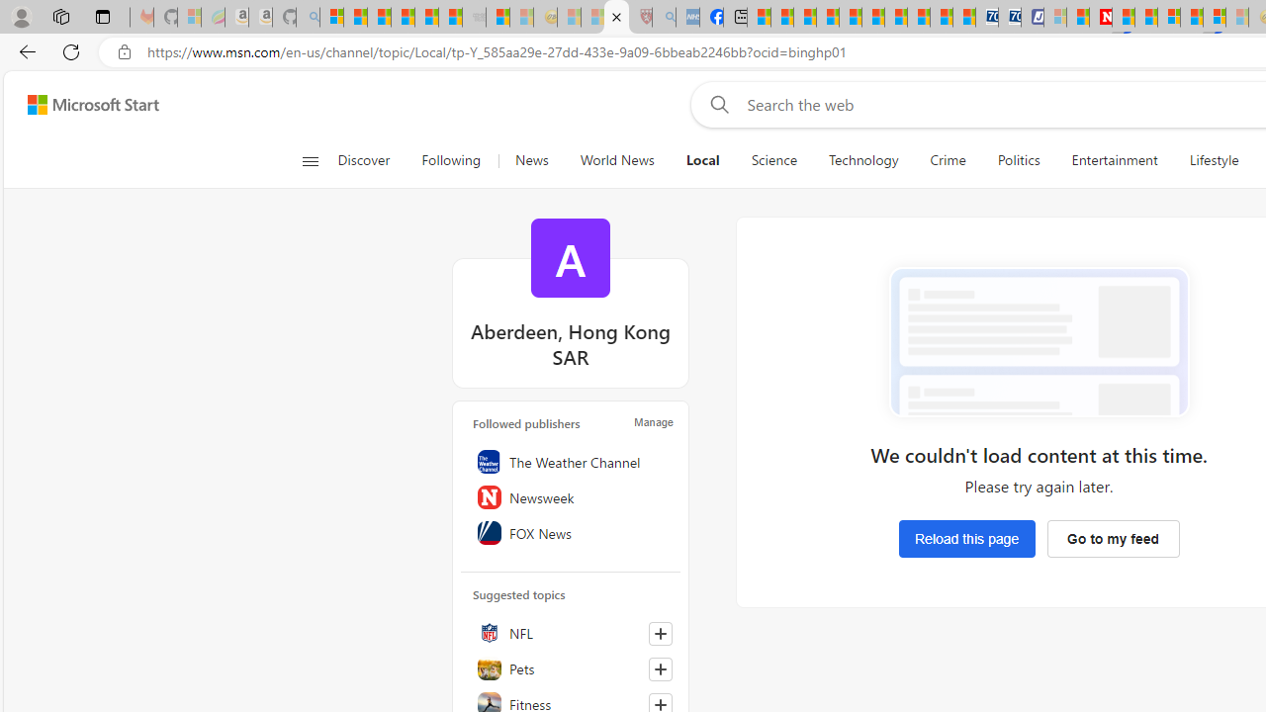 The height and width of the screenshot is (712, 1266). Describe the element at coordinates (570, 495) in the screenshot. I see `'Newsweek'` at that location.